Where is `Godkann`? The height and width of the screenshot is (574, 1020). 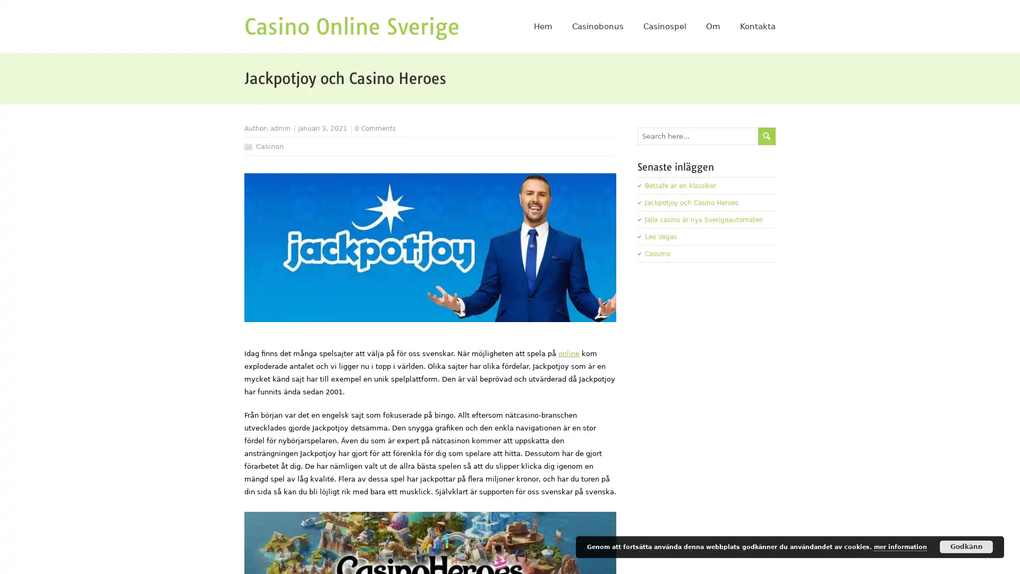
Godkann is located at coordinates (966, 547).